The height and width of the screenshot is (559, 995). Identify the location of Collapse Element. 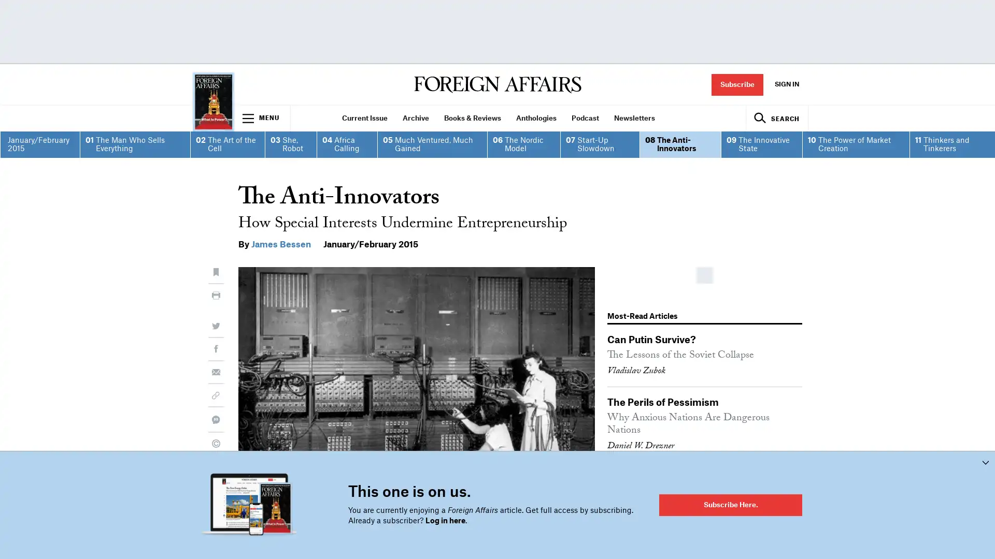
(985, 462).